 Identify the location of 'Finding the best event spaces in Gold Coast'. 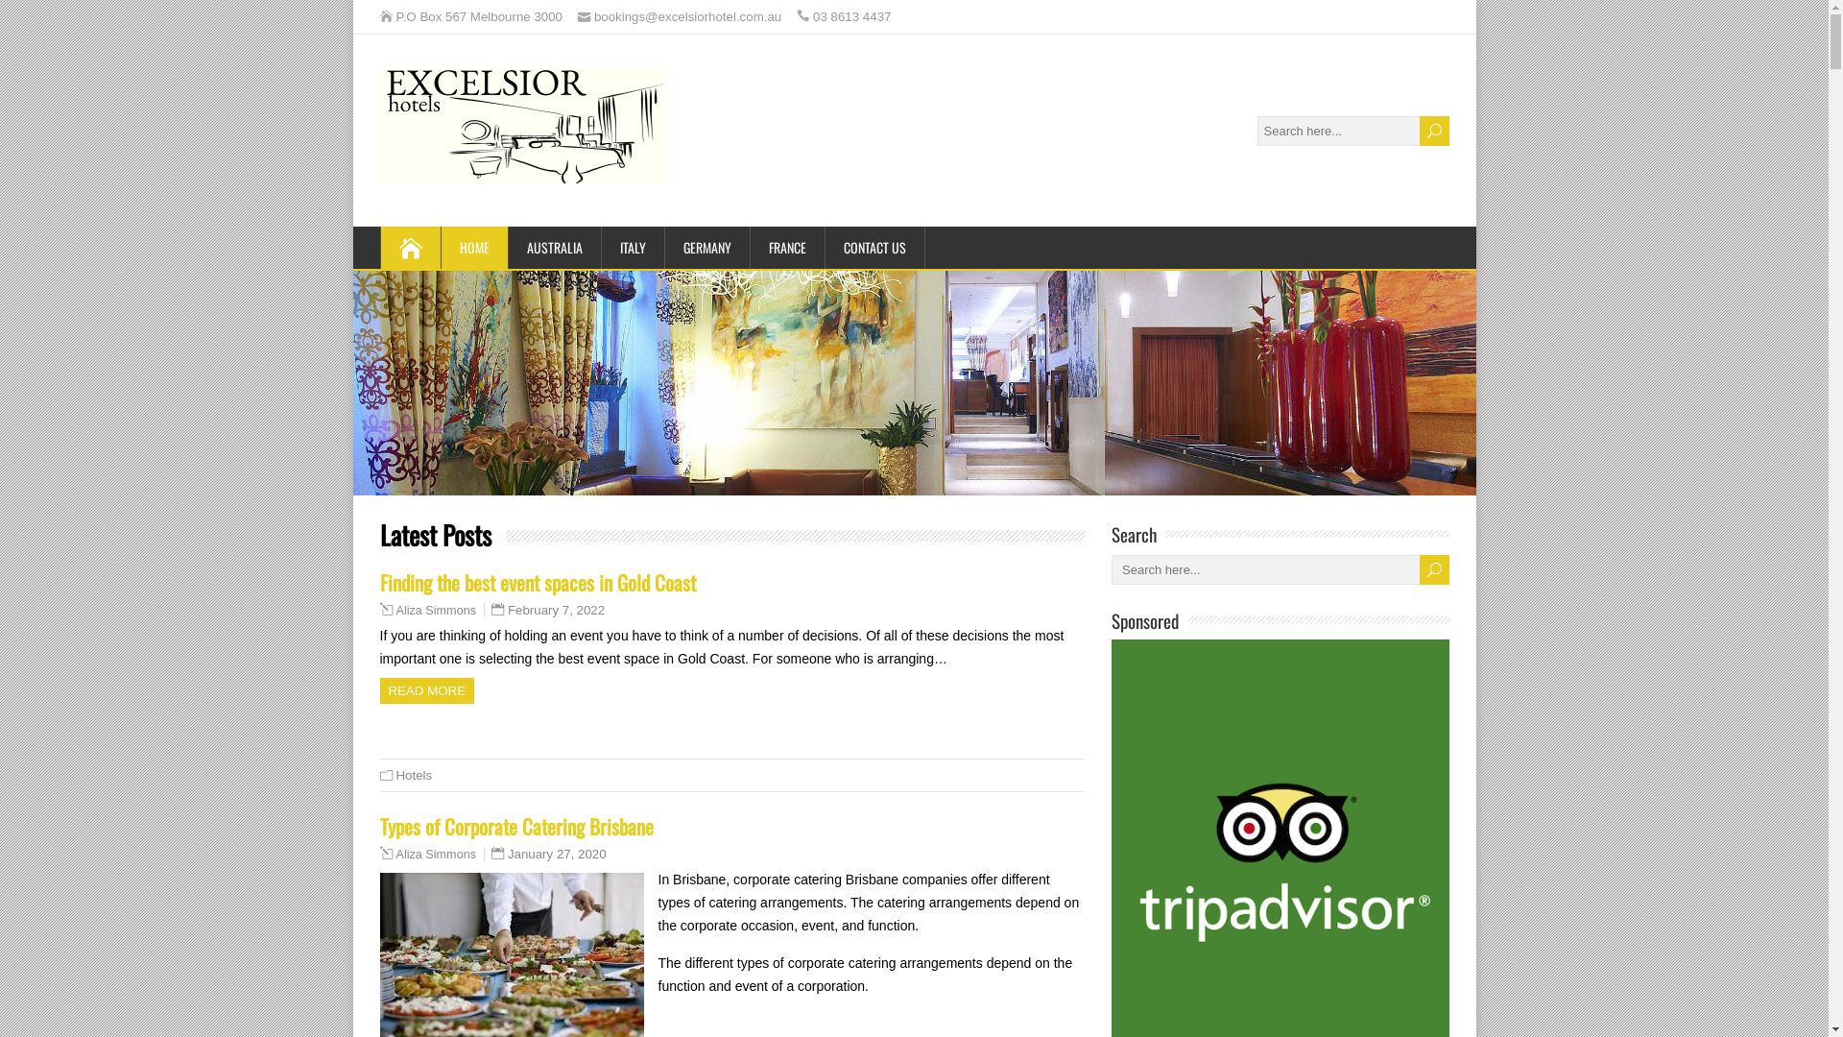
(538, 581).